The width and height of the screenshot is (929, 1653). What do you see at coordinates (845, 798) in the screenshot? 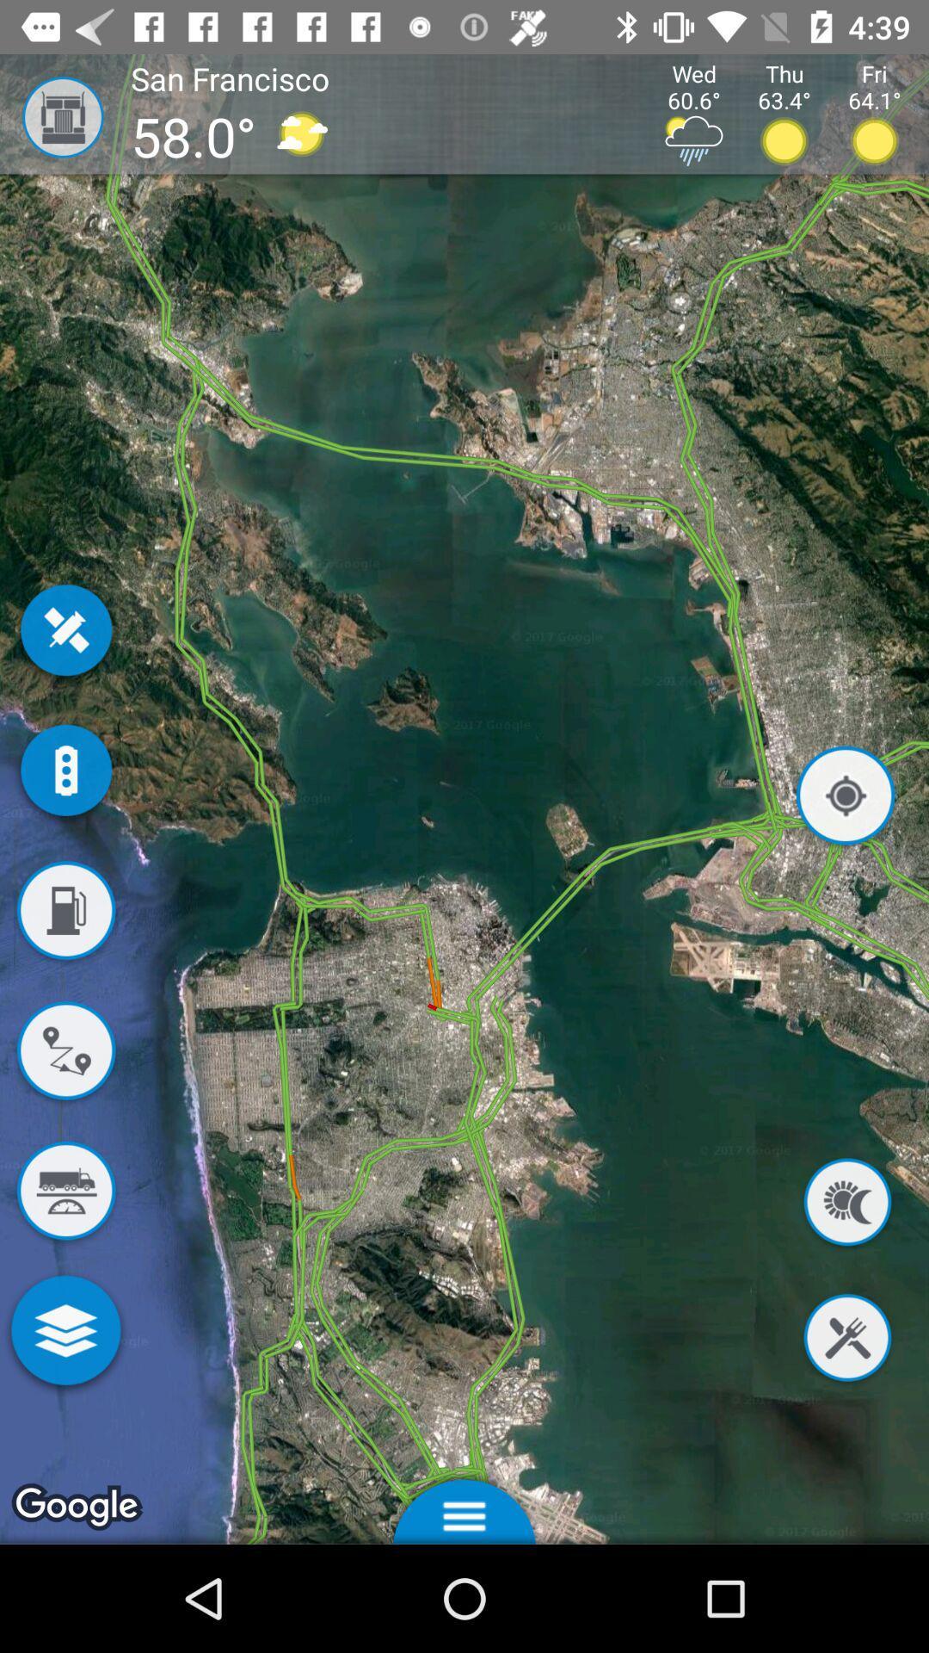
I see `the location_crosshair icon` at bounding box center [845, 798].